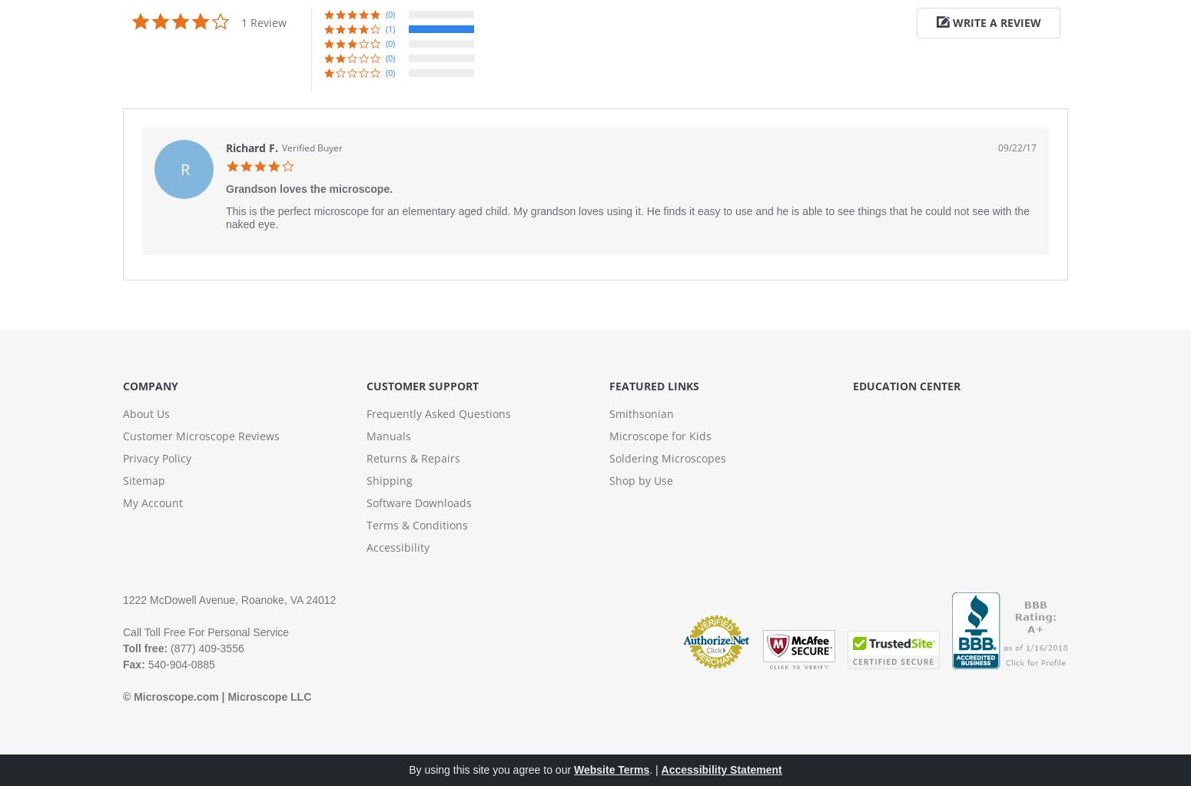 This screenshot has height=786, width=1191. What do you see at coordinates (667, 457) in the screenshot?
I see `'Soldering Microscopes'` at bounding box center [667, 457].